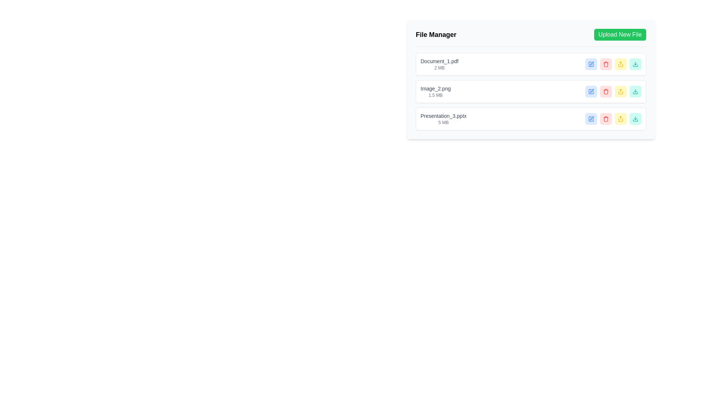 The height and width of the screenshot is (399, 709). What do you see at coordinates (606, 91) in the screenshot?
I see `the trash icon button located in the second column of action buttons from the right, which is the third button in the horizontal group of four buttons, to initiate a delete action for the file 'Image_2.png'` at bounding box center [606, 91].